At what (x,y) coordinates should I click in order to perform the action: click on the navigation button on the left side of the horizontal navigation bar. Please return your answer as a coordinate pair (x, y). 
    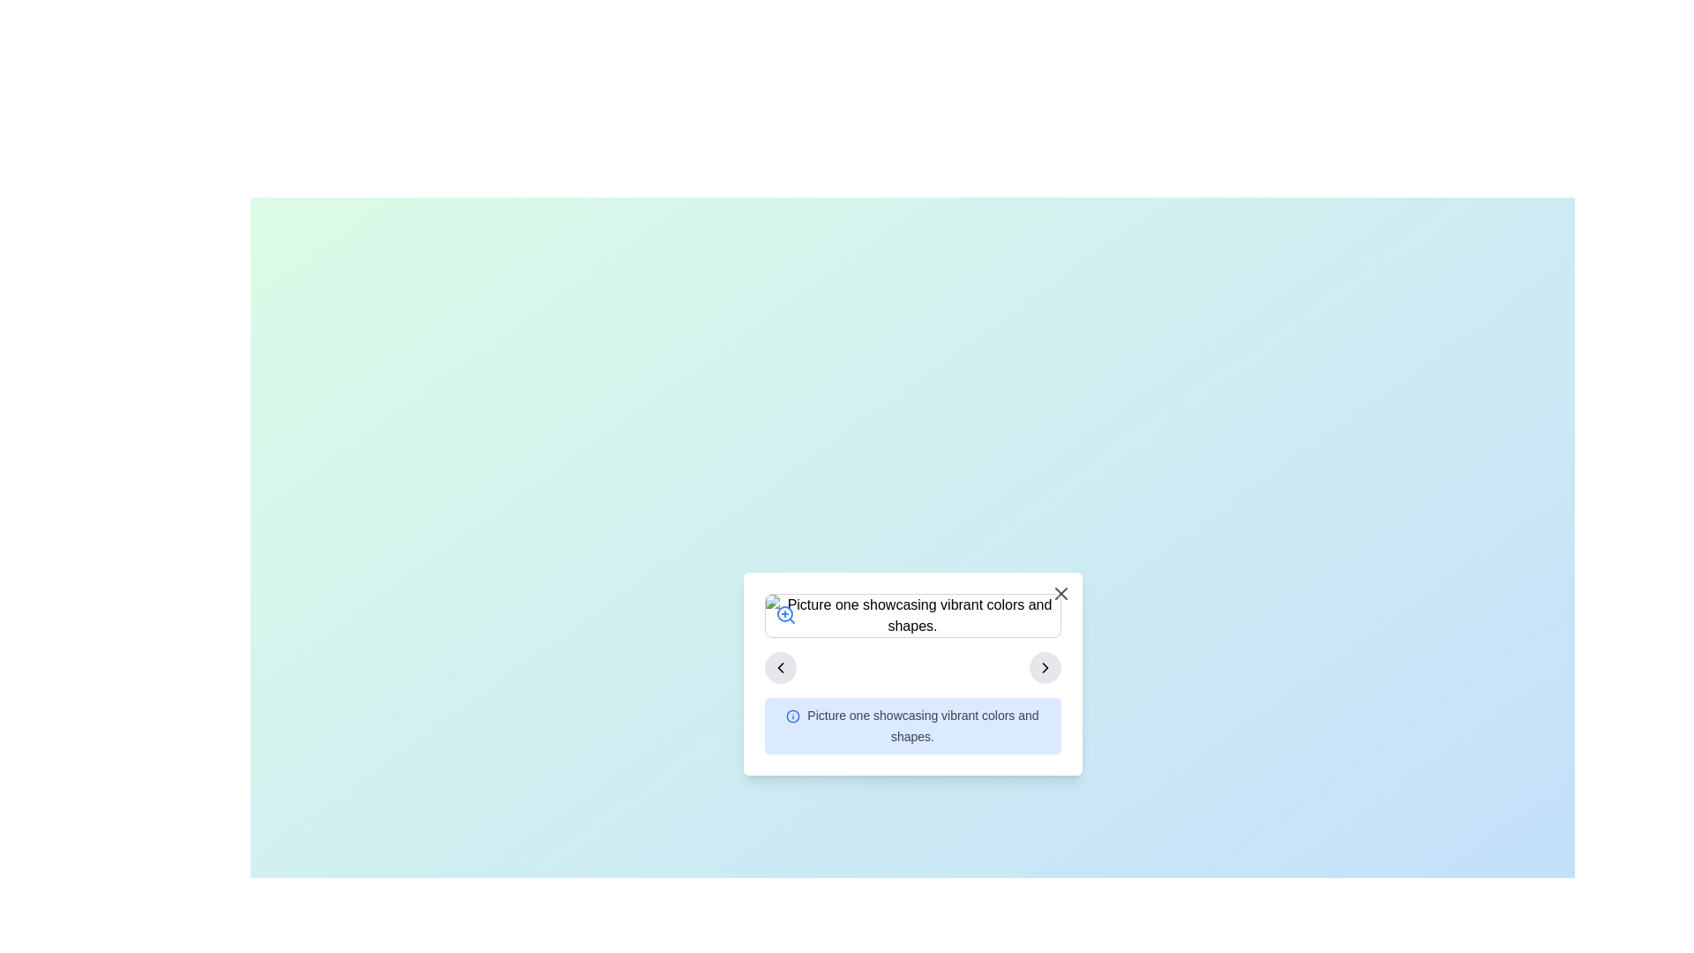
    Looking at the image, I should click on (779, 667).